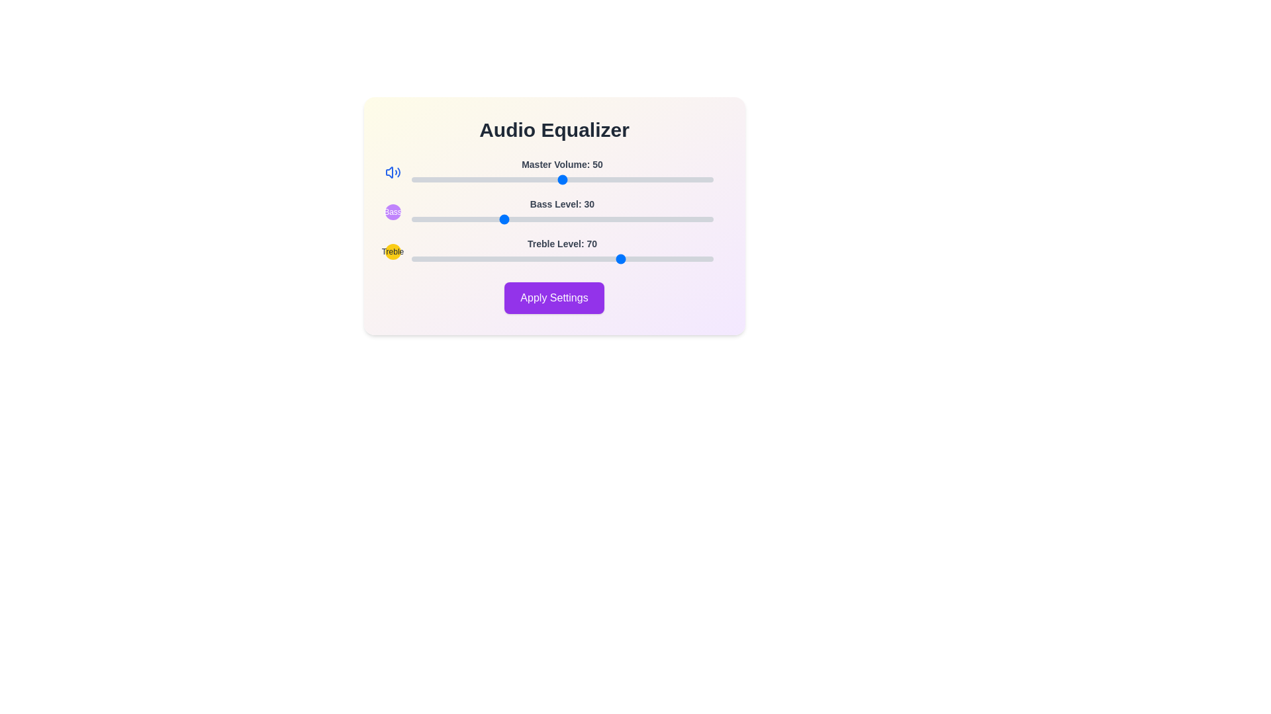  I want to click on the bass level, so click(683, 218).